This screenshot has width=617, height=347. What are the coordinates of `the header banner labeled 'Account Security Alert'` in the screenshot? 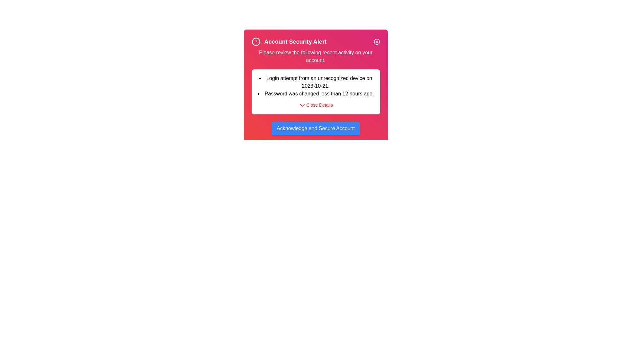 It's located at (316, 42).